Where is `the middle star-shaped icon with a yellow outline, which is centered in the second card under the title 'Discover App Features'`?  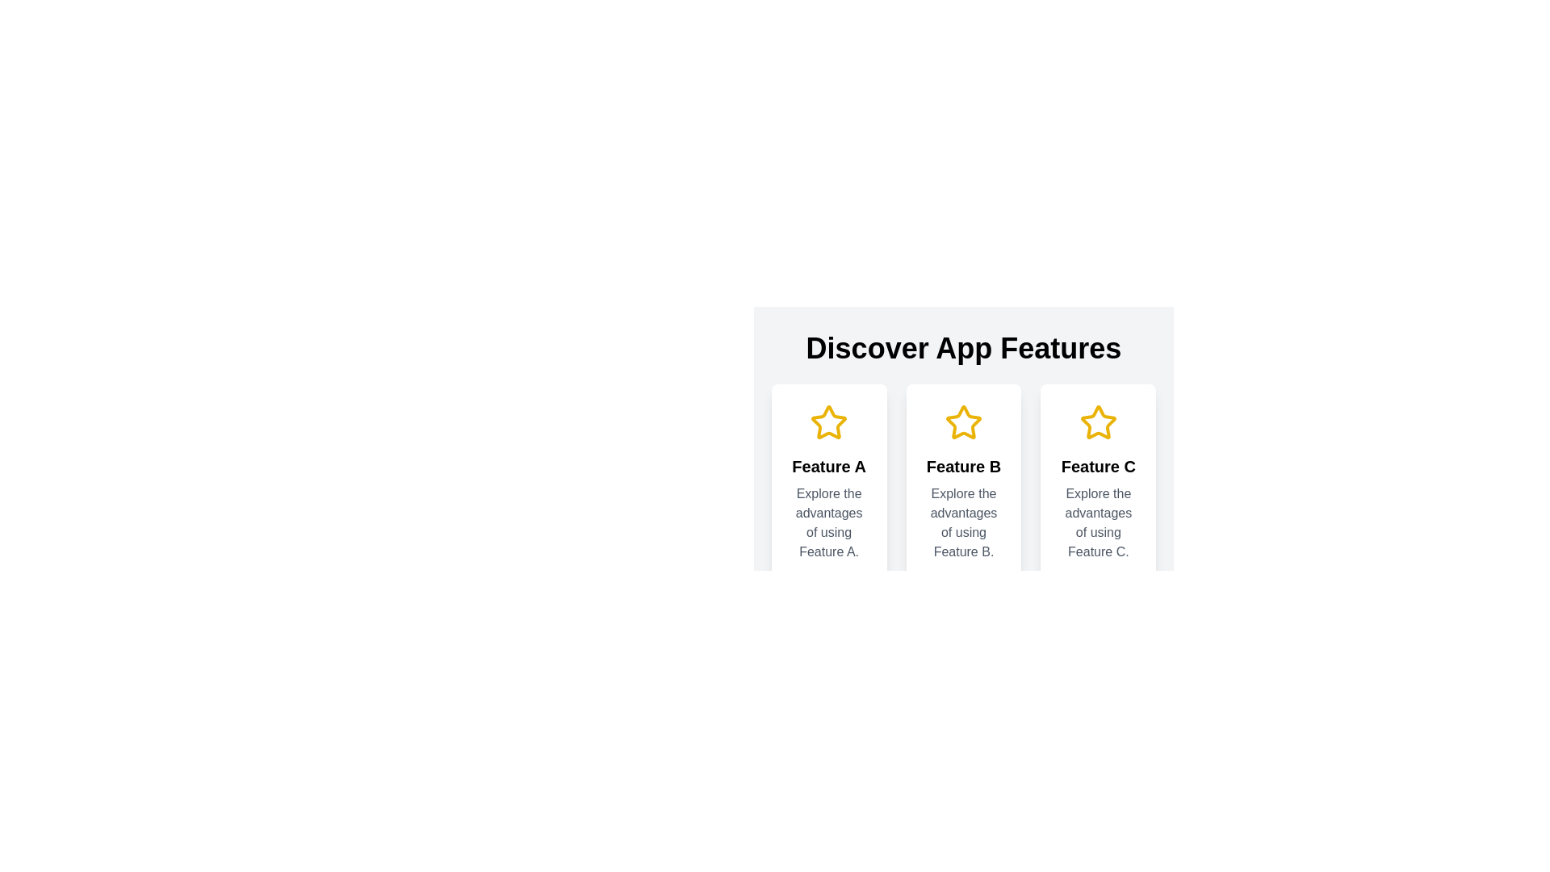 the middle star-shaped icon with a yellow outline, which is centered in the second card under the title 'Discover App Features' is located at coordinates (964, 421).